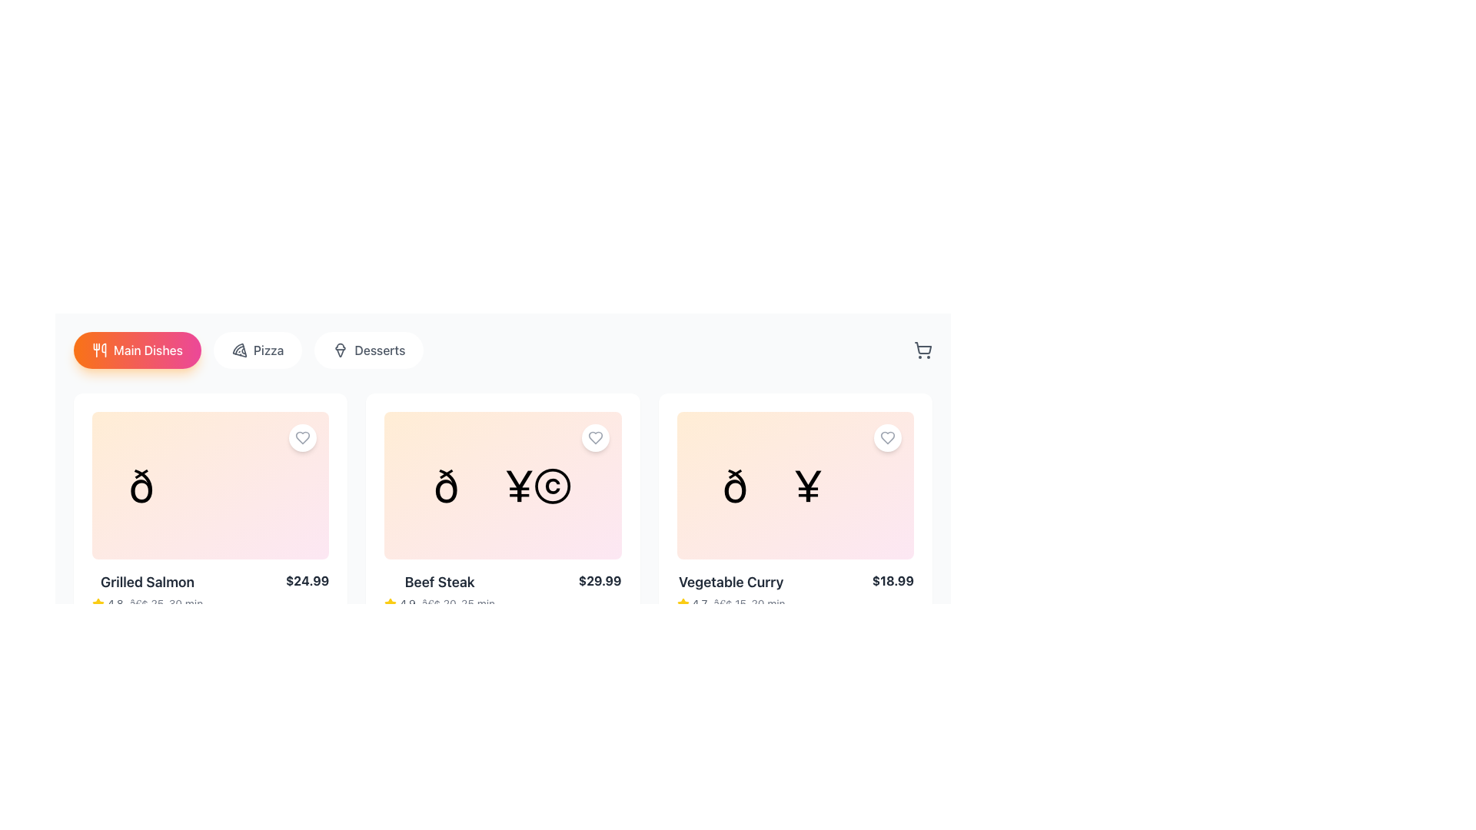 This screenshot has width=1476, height=830. I want to click on the static text label displaying the price of the food item 'Grilled Salmon', located at the bottom-right corner of the food item card, so click(307, 581).